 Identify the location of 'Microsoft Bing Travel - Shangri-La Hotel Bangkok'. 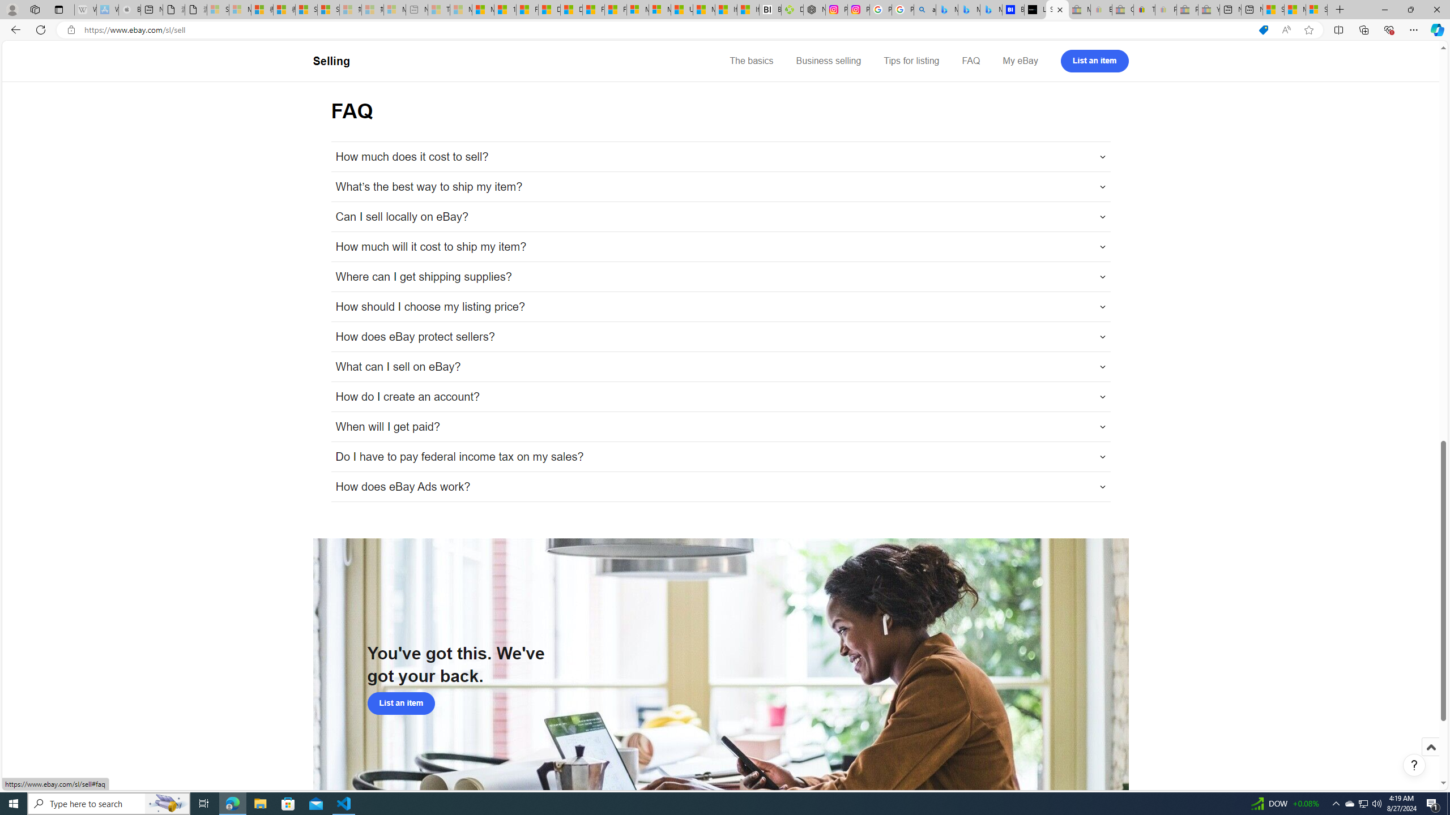
(991, 9).